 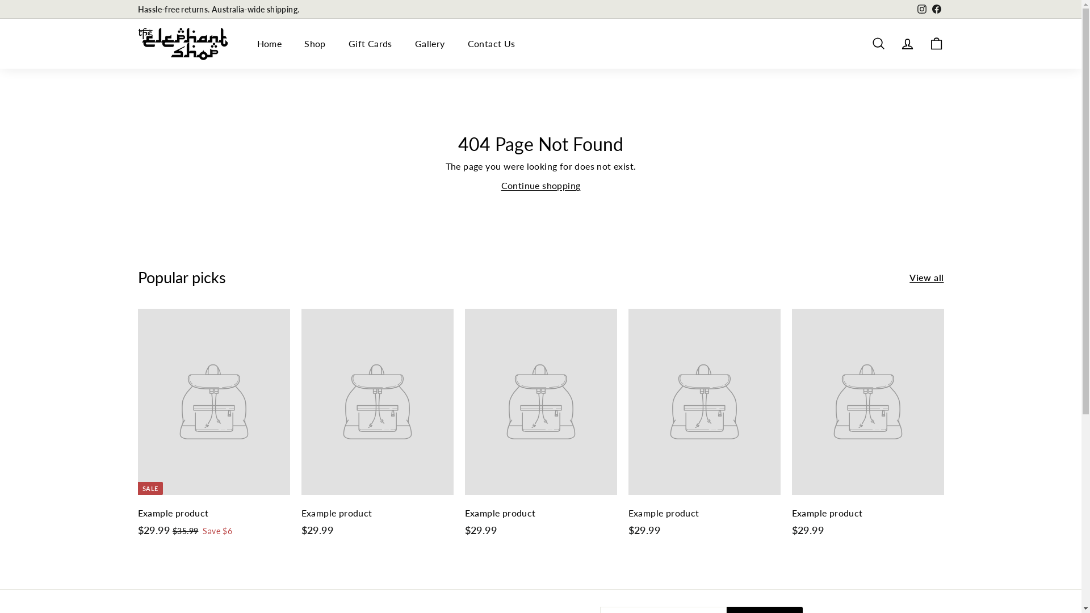 I want to click on 'Example product, so click(x=376, y=429).